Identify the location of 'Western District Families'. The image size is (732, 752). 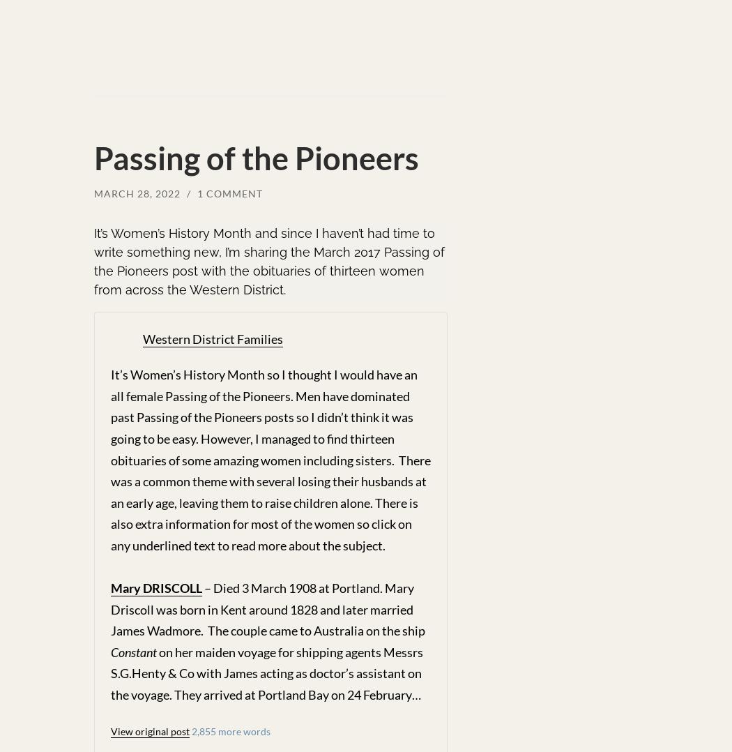
(212, 337).